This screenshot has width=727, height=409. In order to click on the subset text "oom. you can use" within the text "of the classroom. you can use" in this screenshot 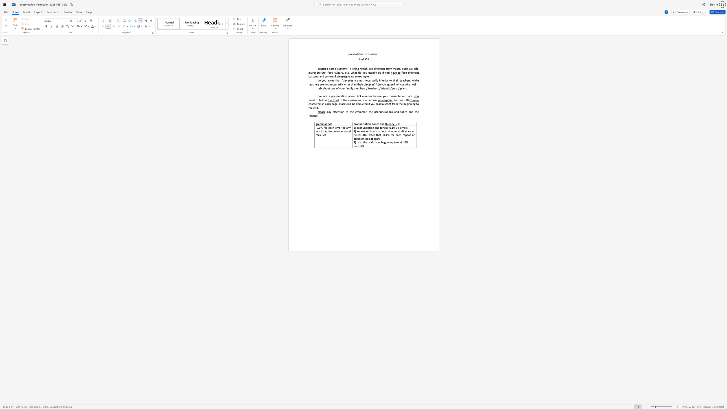, I will do `click(355, 100)`.